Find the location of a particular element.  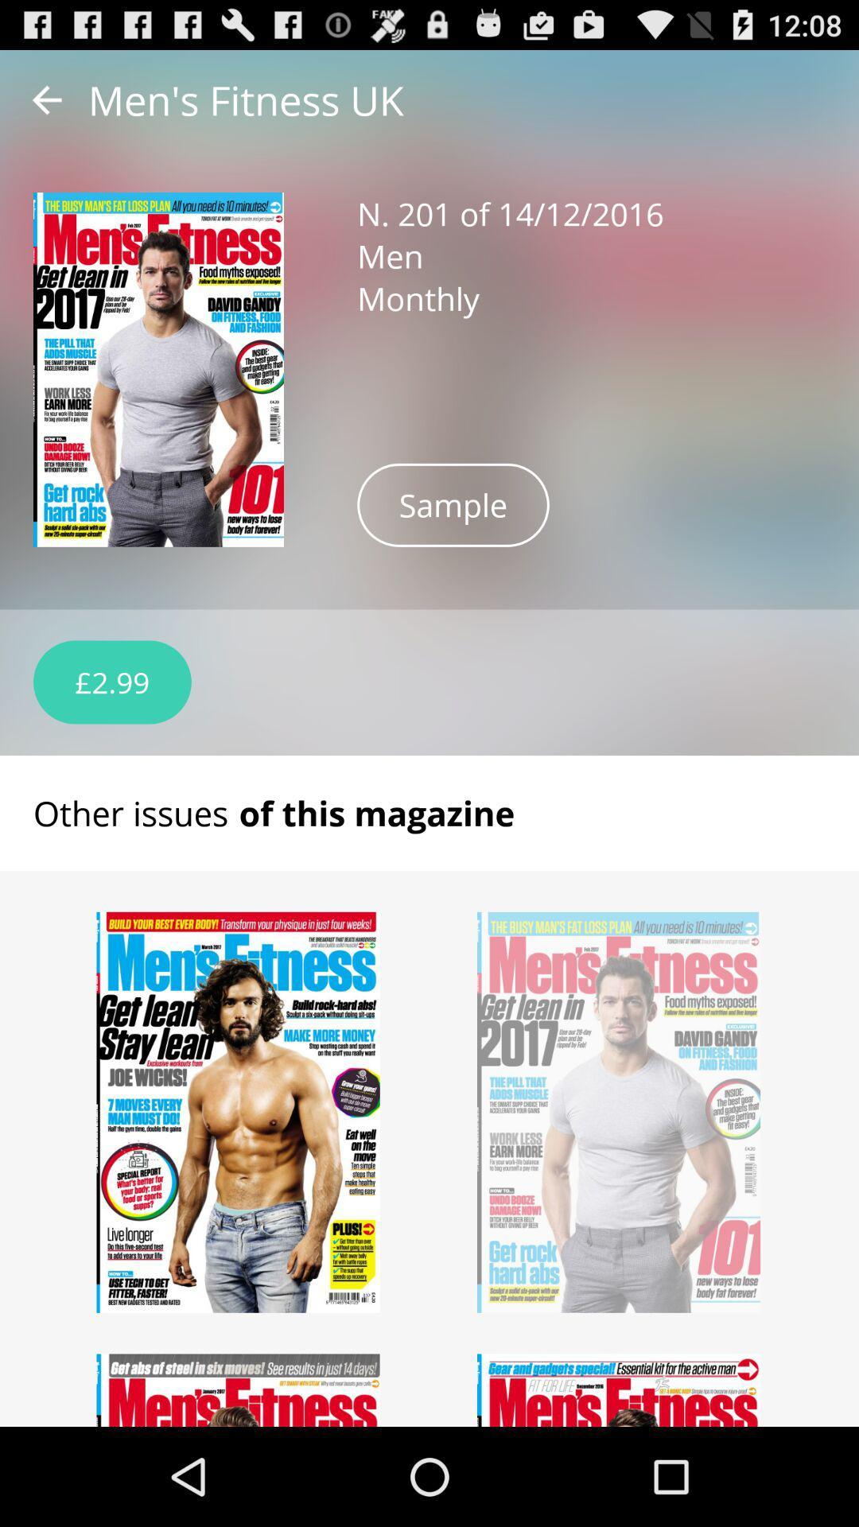

pick your magazine issue is located at coordinates (239, 1389).